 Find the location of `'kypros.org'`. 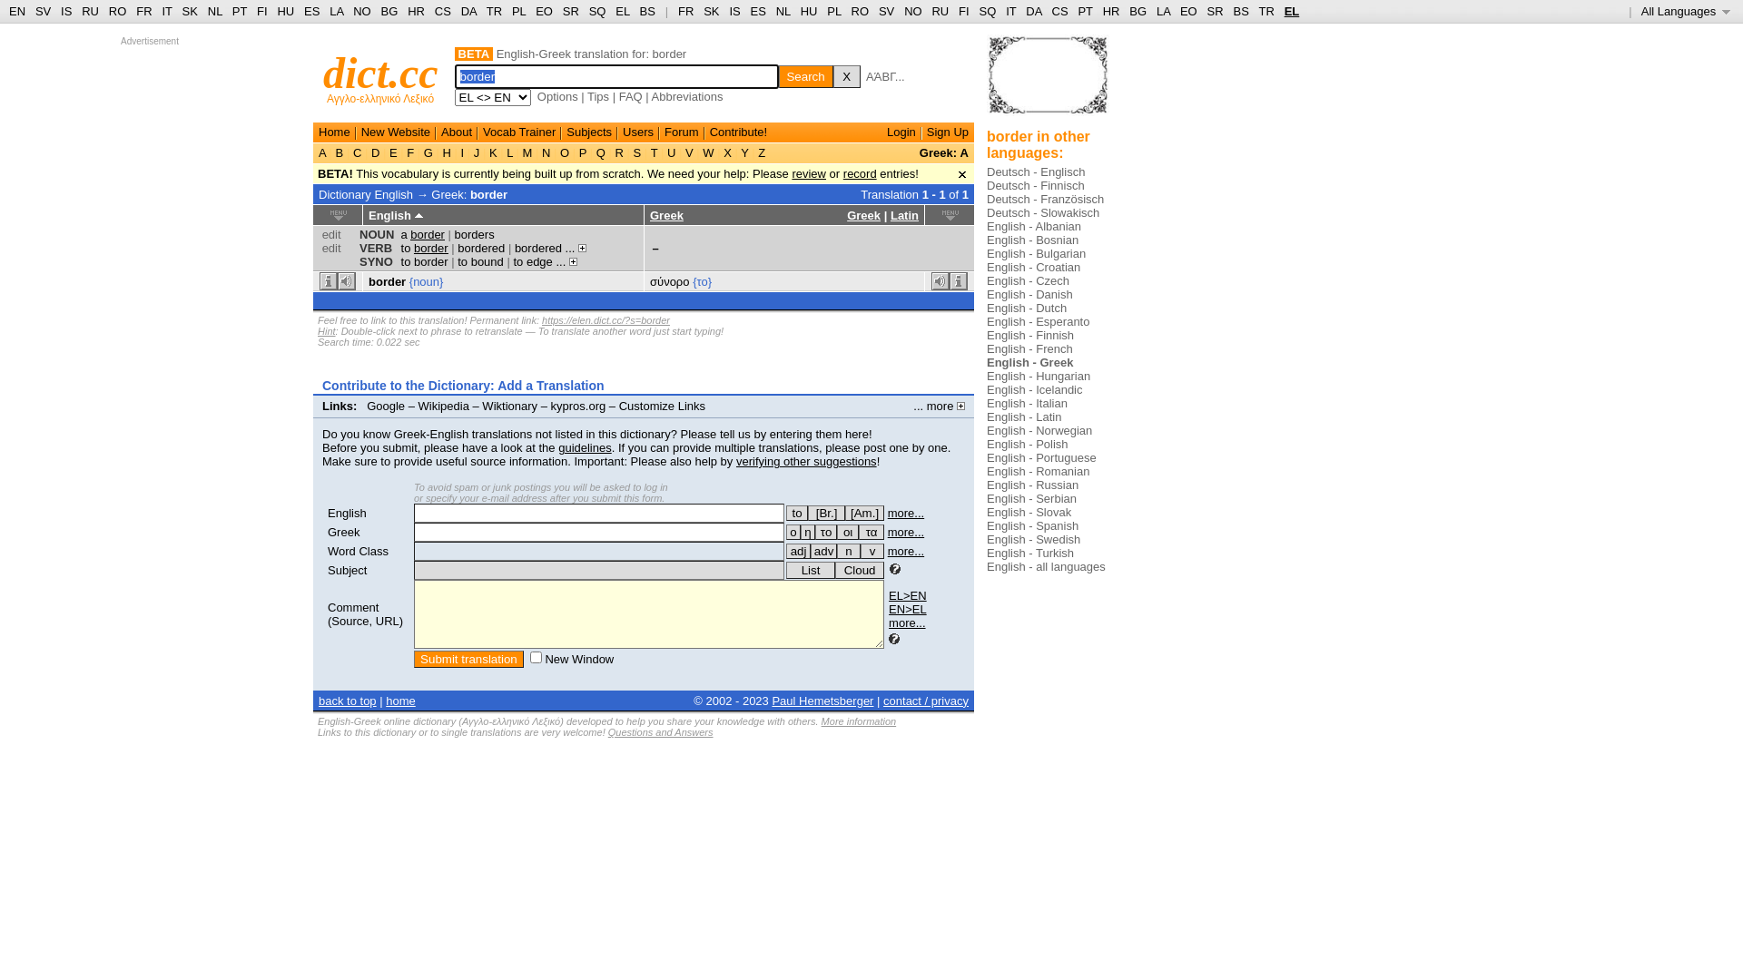

'kypros.org' is located at coordinates (549, 405).